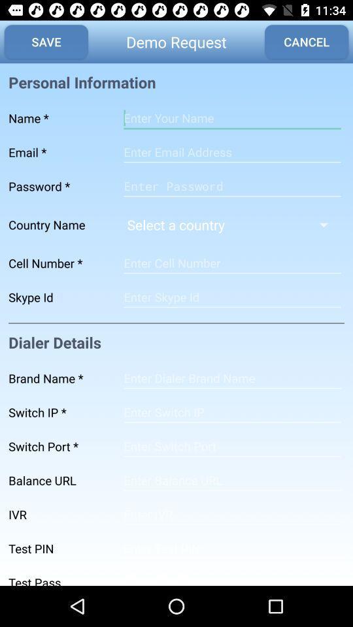  I want to click on ivr, so click(231, 515).